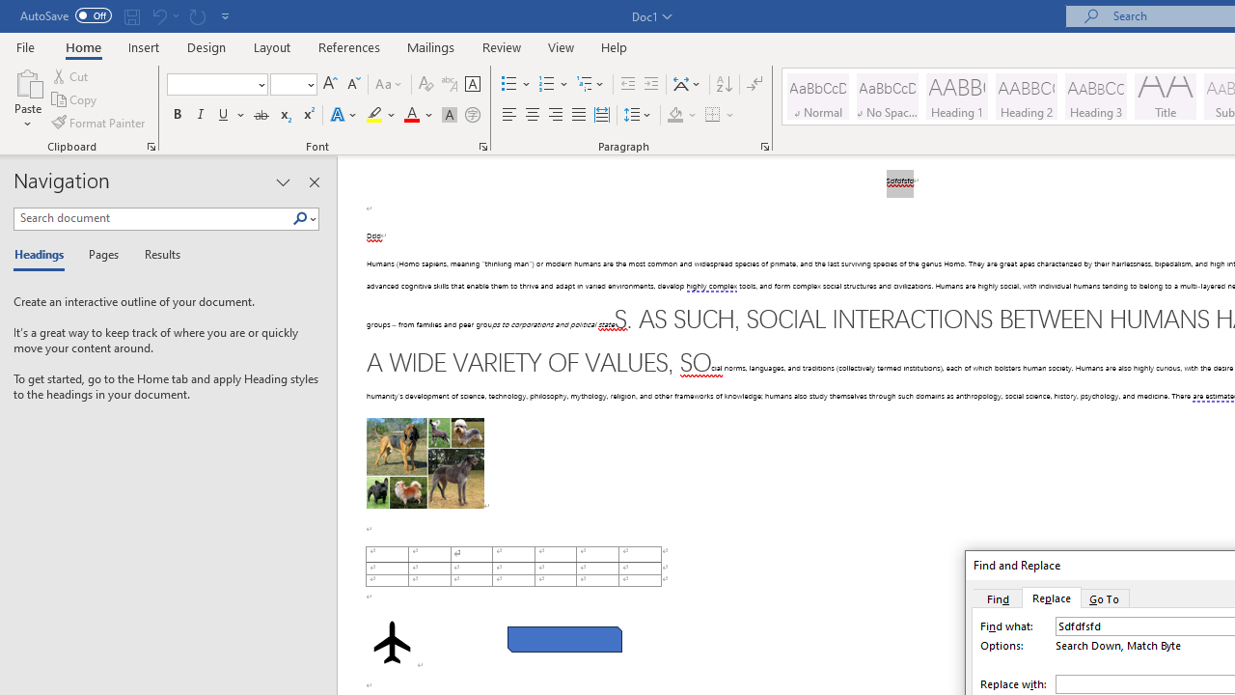  I want to click on 'Character Border', so click(472, 83).